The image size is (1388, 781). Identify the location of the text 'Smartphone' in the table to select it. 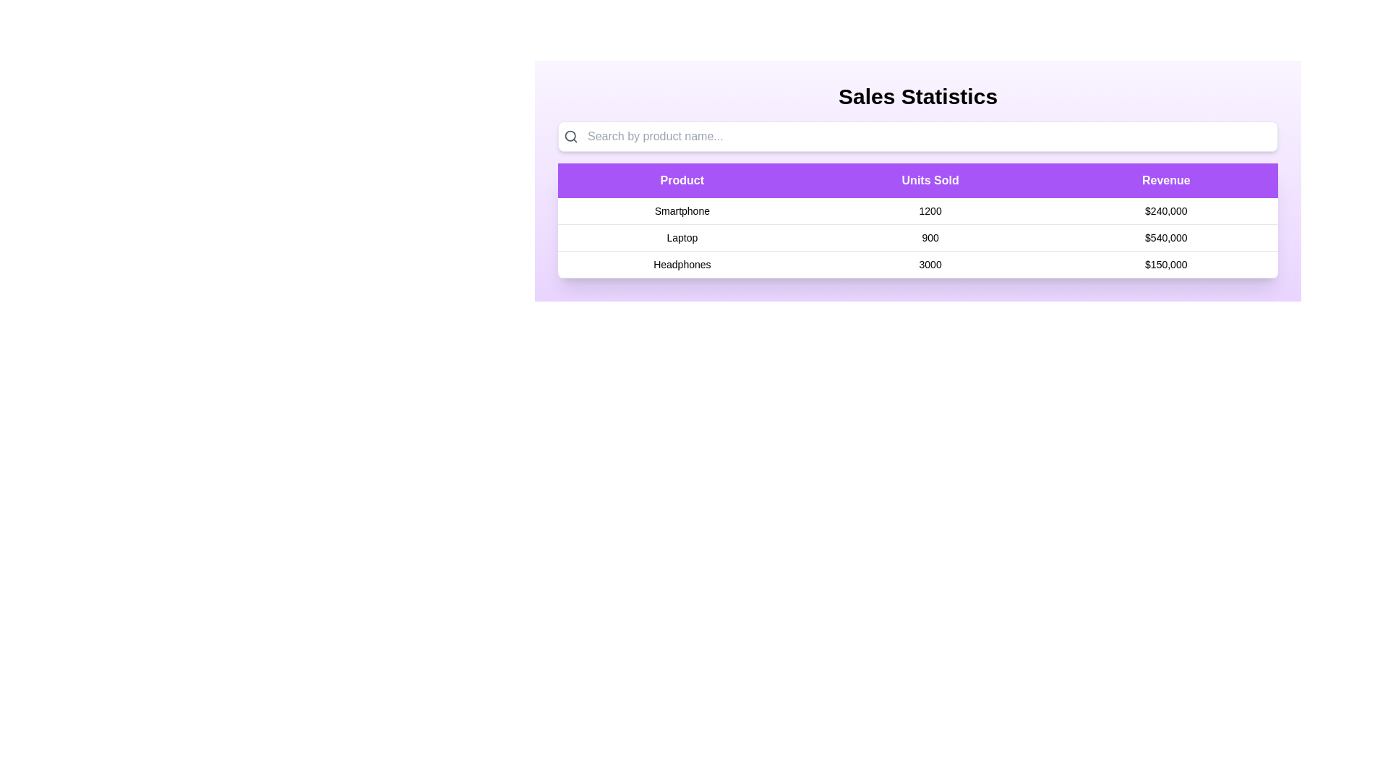
(681, 211).